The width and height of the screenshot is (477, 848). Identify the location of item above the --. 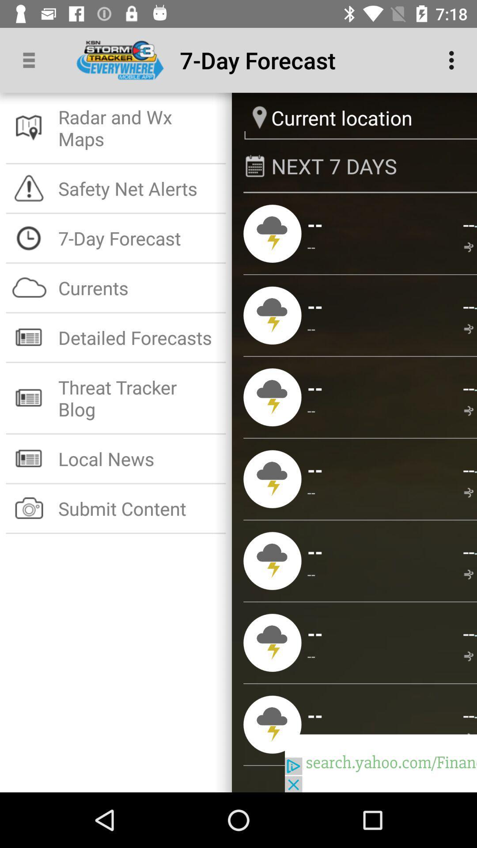
(475, 307).